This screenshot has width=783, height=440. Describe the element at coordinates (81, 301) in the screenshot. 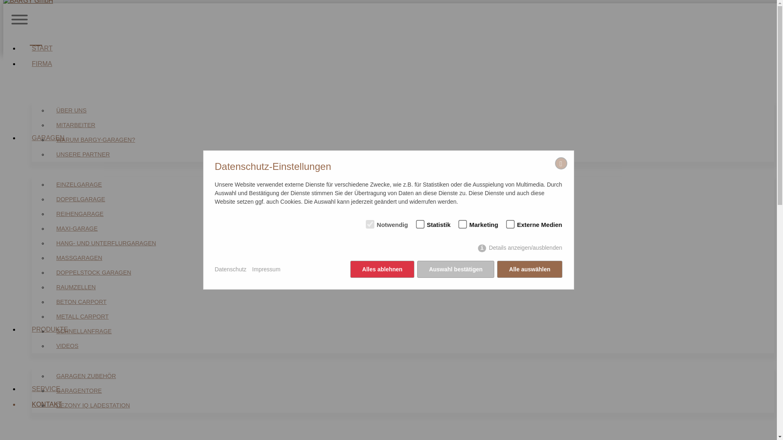

I see `'BETON CARPORT'` at that location.